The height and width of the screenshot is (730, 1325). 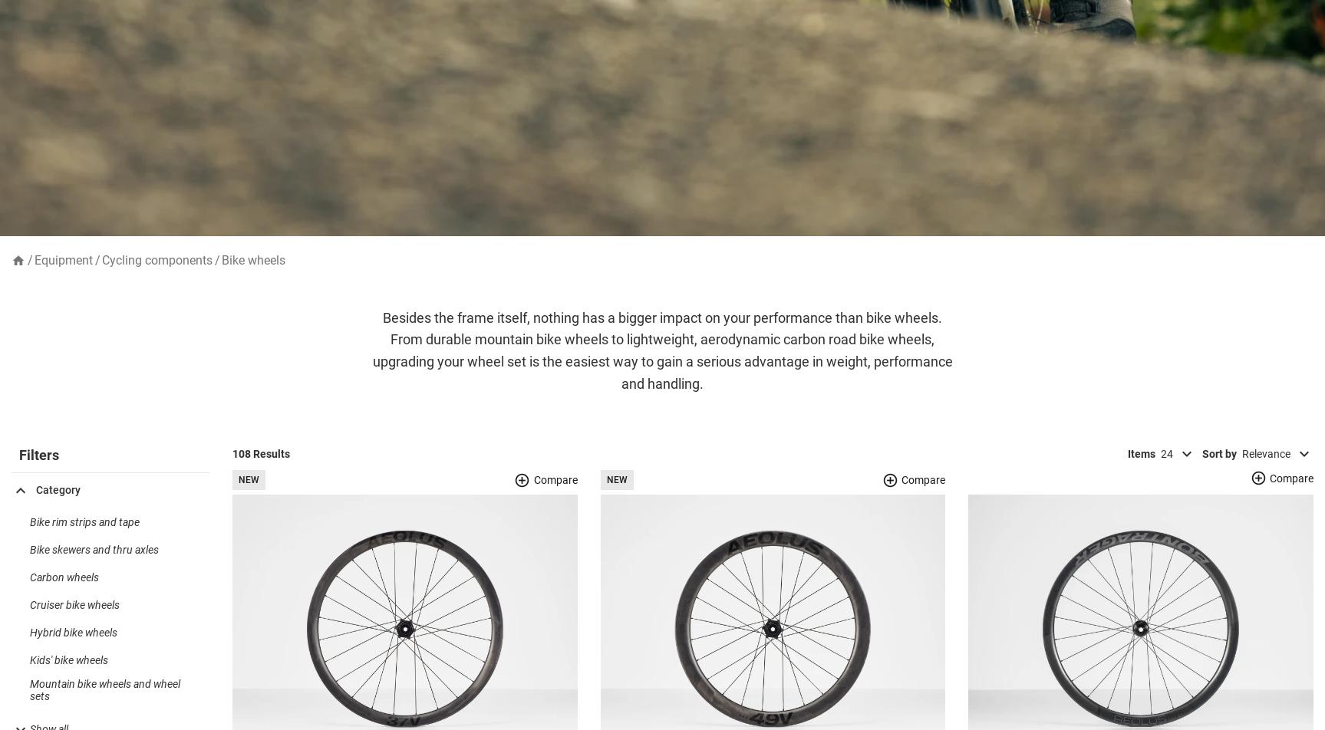 What do you see at coordinates (64, 600) in the screenshot?
I see `'Carbon wheels'` at bounding box center [64, 600].